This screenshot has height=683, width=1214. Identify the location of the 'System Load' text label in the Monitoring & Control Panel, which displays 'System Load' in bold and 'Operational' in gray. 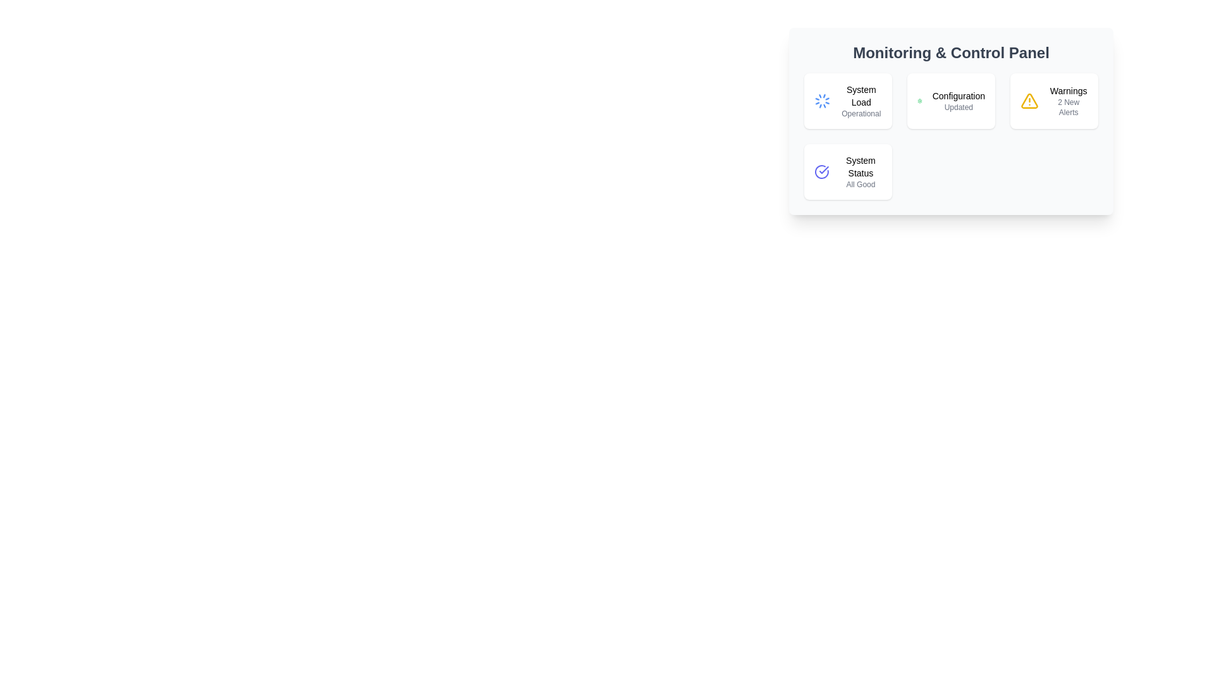
(861, 100).